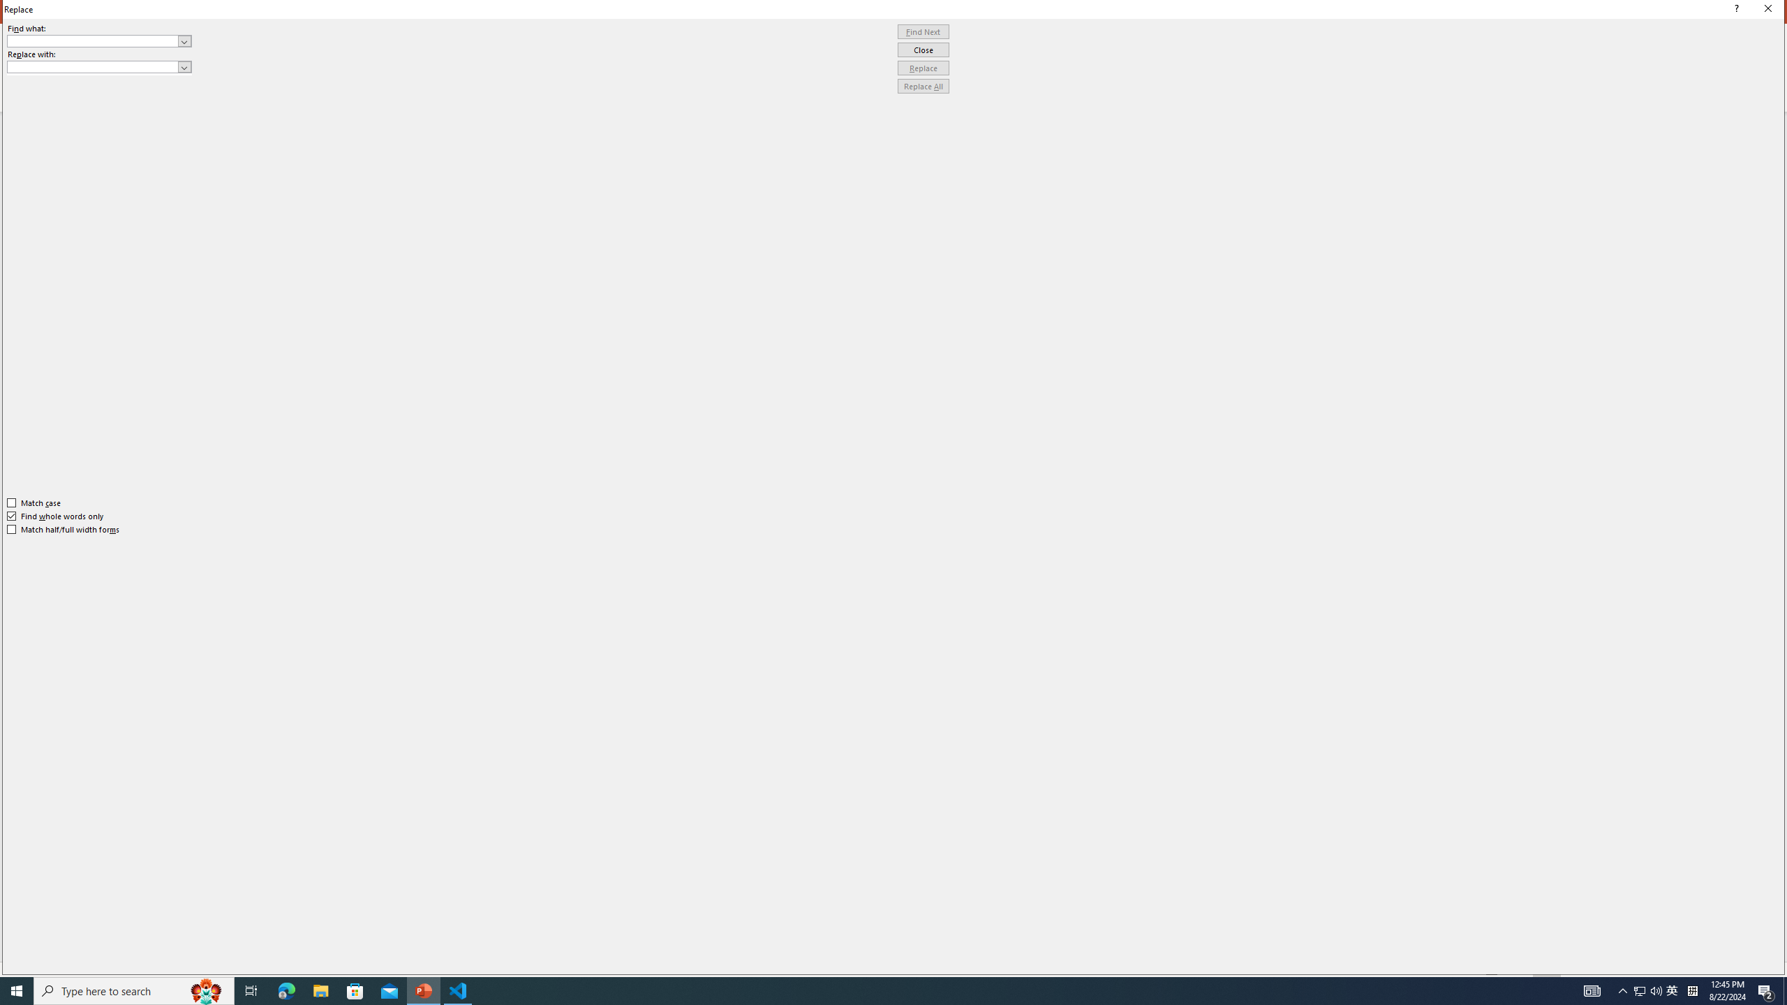  What do you see at coordinates (93, 66) in the screenshot?
I see `'Replace with'` at bounding box center [93, 66].